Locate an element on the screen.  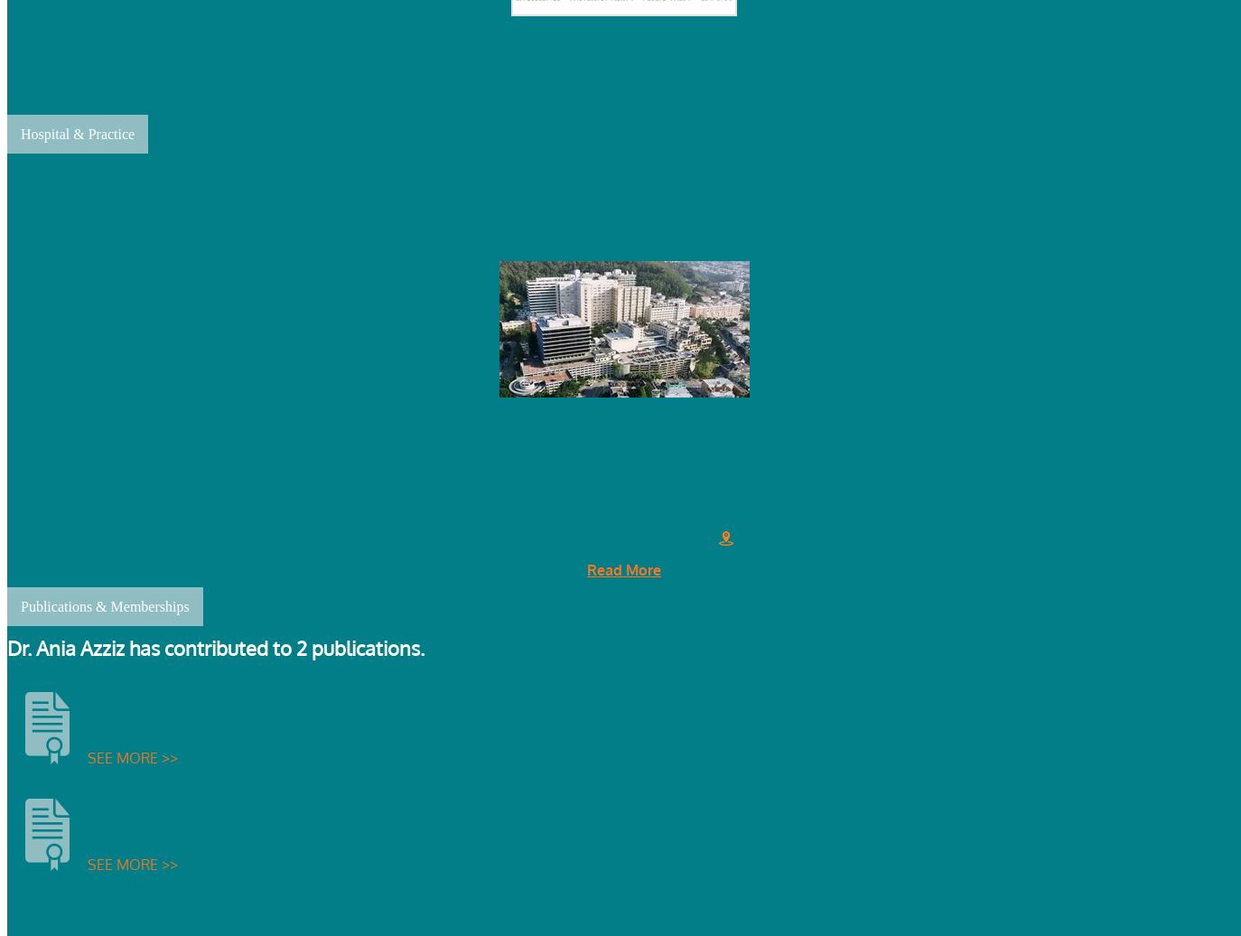
'Dr. Ania Azziz has contributed to 2 publications.' is located at coordinates (214, 646).